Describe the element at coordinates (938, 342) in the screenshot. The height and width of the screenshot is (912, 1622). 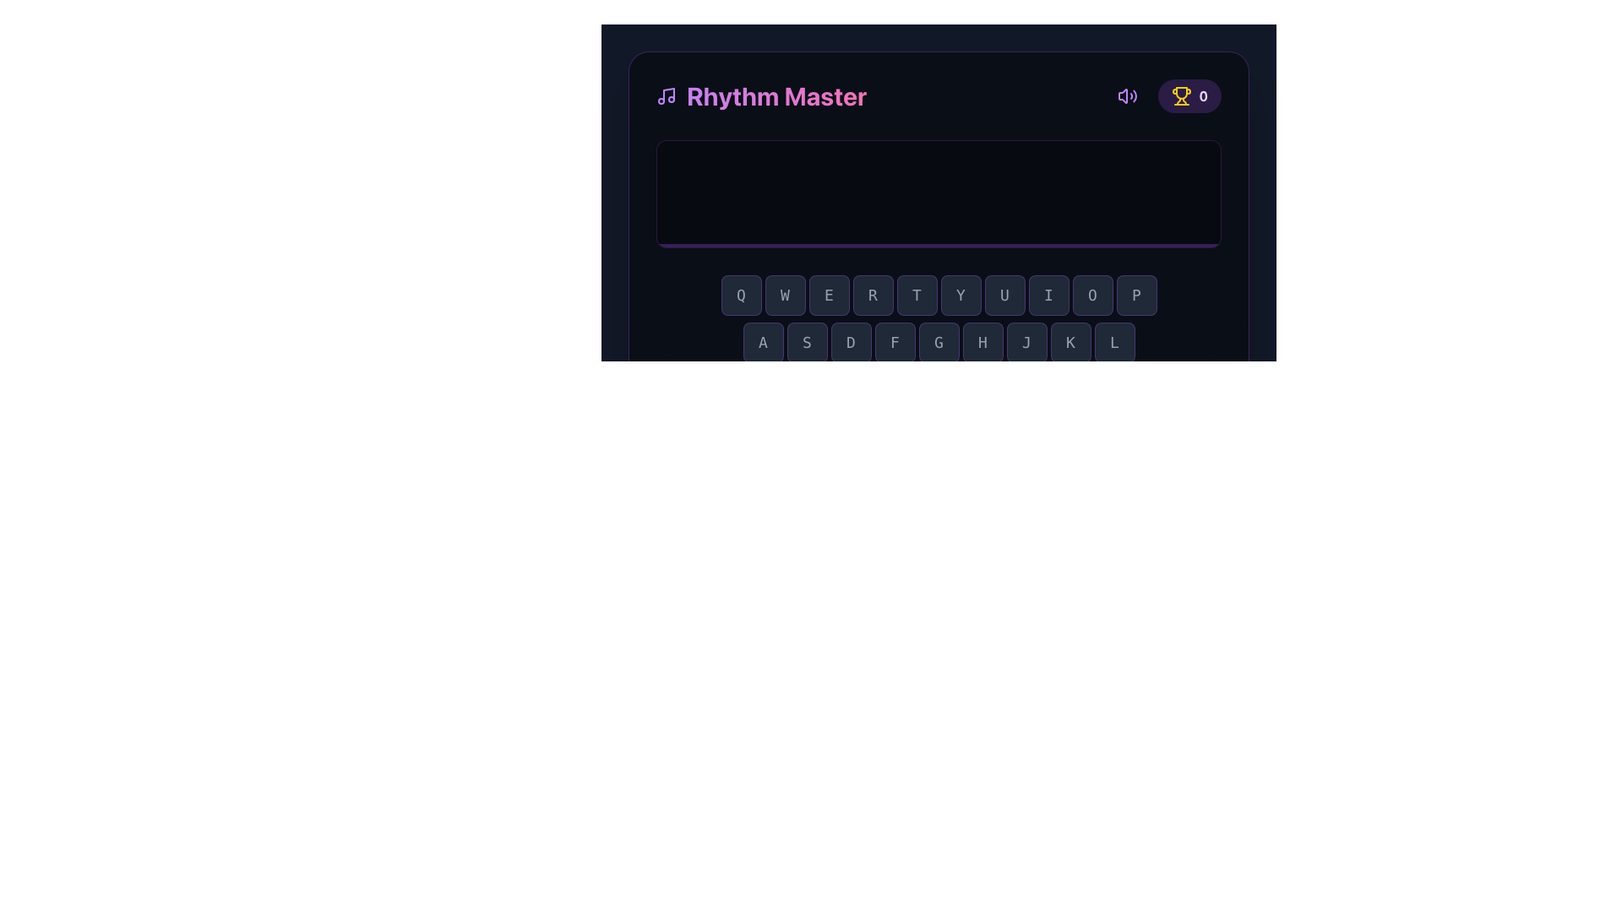
I see `the square button with rounded corners labeled 'G', which is the fifth button in a row of buttons` at that location.